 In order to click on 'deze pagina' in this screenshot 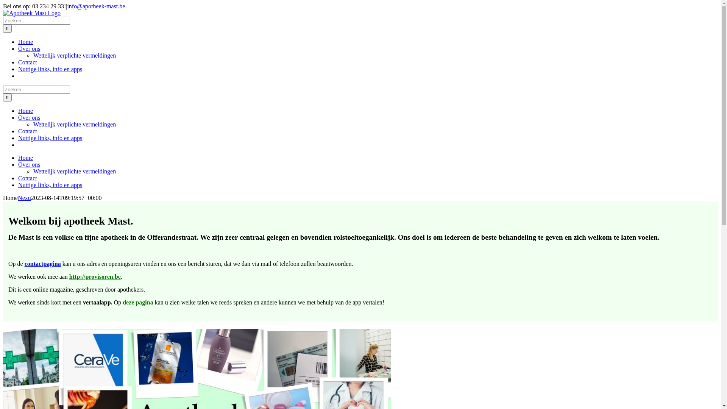, I will do `click(138, 302)`.